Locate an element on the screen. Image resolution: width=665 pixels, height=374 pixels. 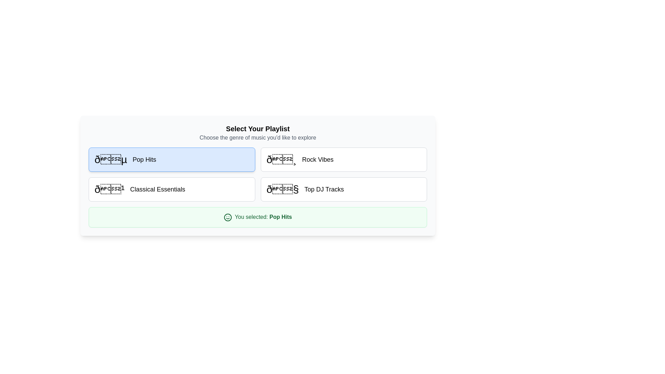
the 'Pop Hits' playlist text label for accessibility tools is located at coordinates (144, 160).